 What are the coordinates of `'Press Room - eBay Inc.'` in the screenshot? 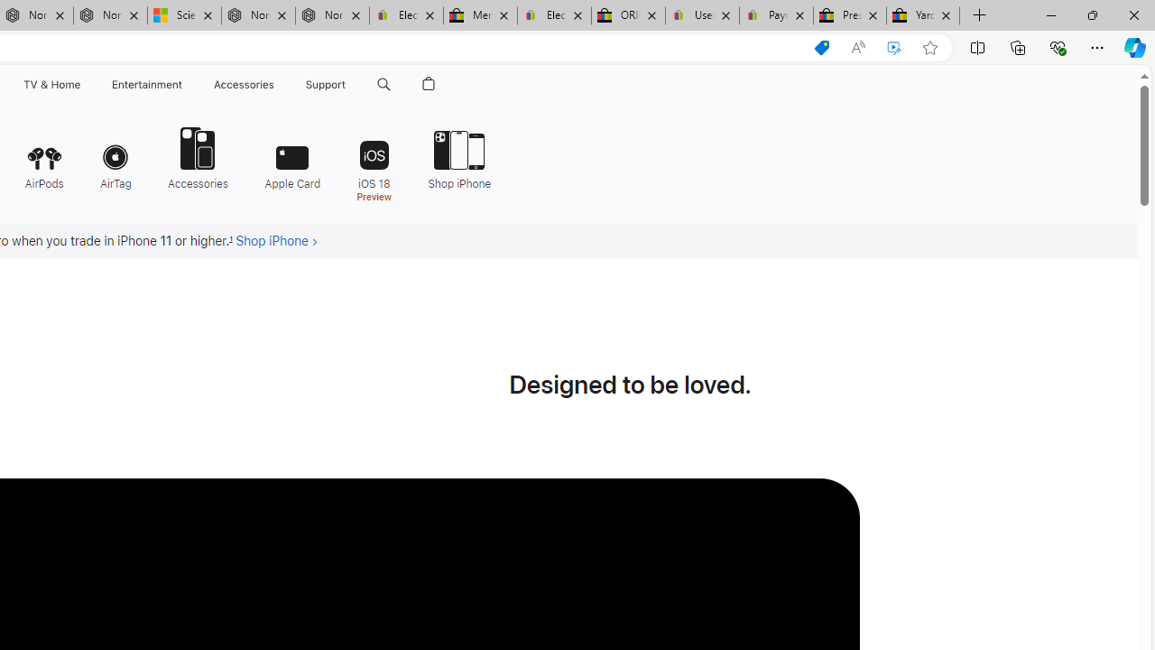 It's located at (849, 15).